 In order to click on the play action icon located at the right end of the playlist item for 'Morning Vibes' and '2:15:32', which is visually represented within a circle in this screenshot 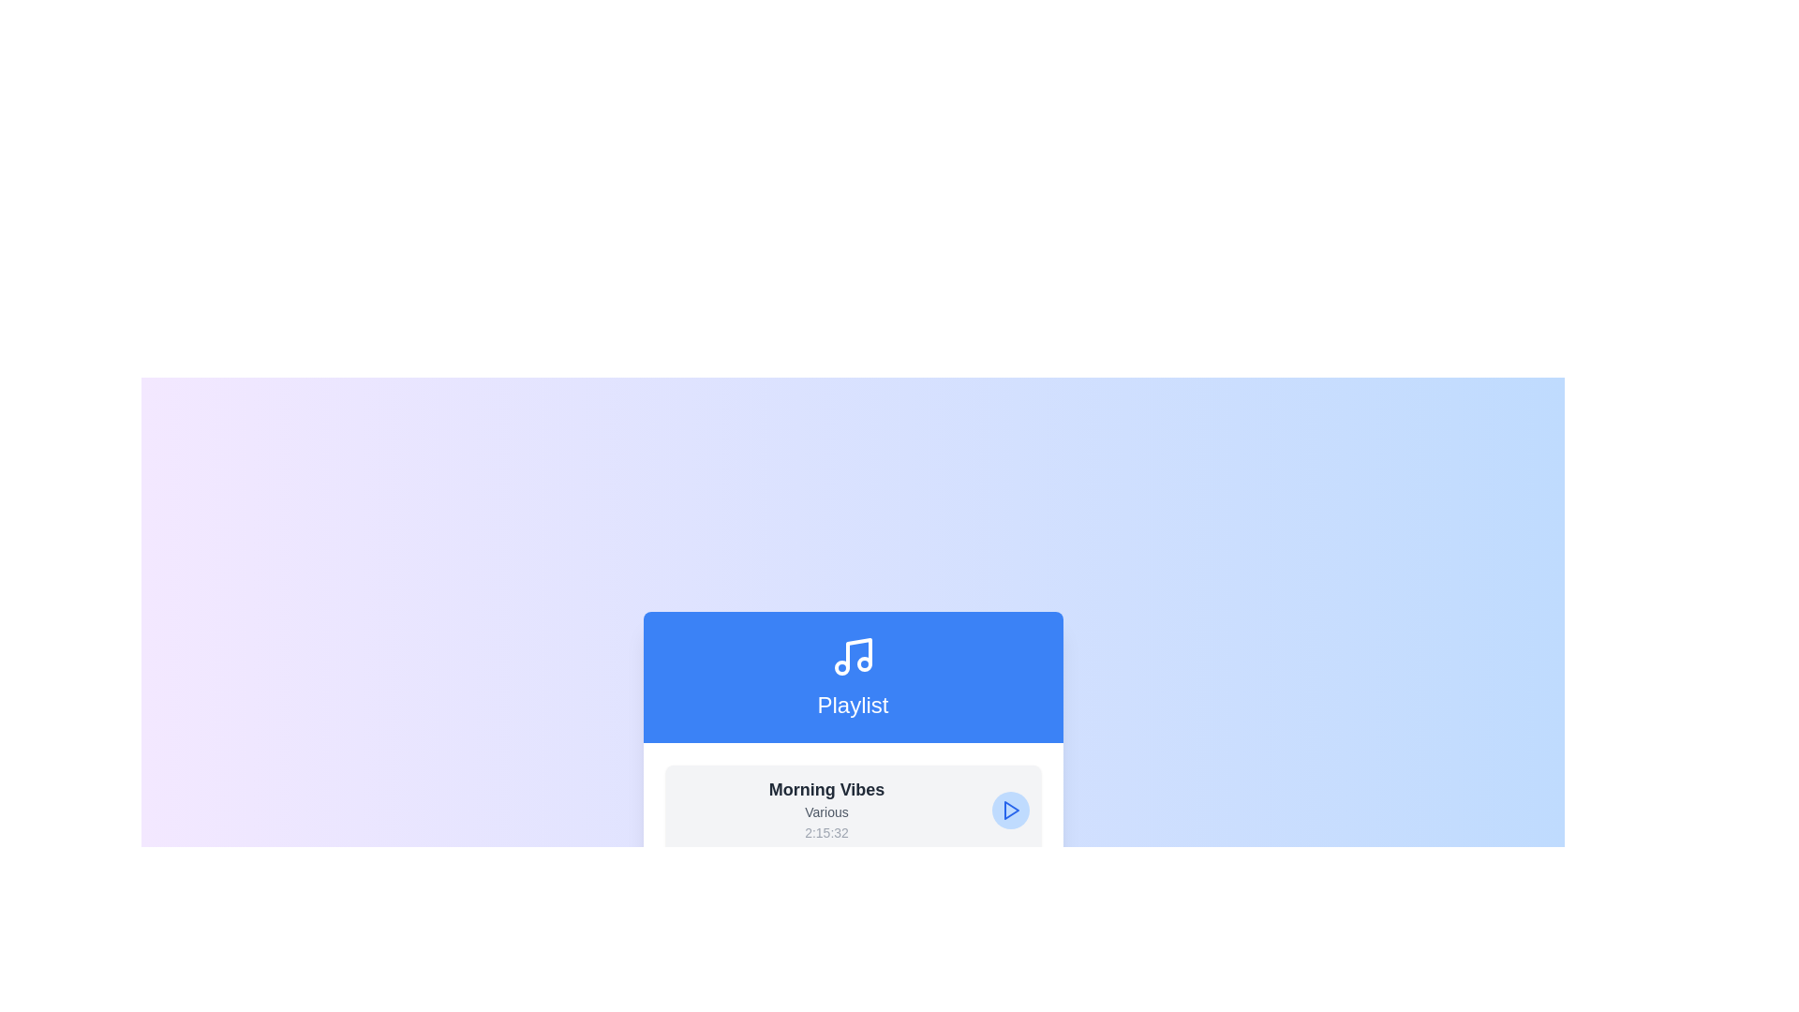, I will do `click(1010, 809)`.